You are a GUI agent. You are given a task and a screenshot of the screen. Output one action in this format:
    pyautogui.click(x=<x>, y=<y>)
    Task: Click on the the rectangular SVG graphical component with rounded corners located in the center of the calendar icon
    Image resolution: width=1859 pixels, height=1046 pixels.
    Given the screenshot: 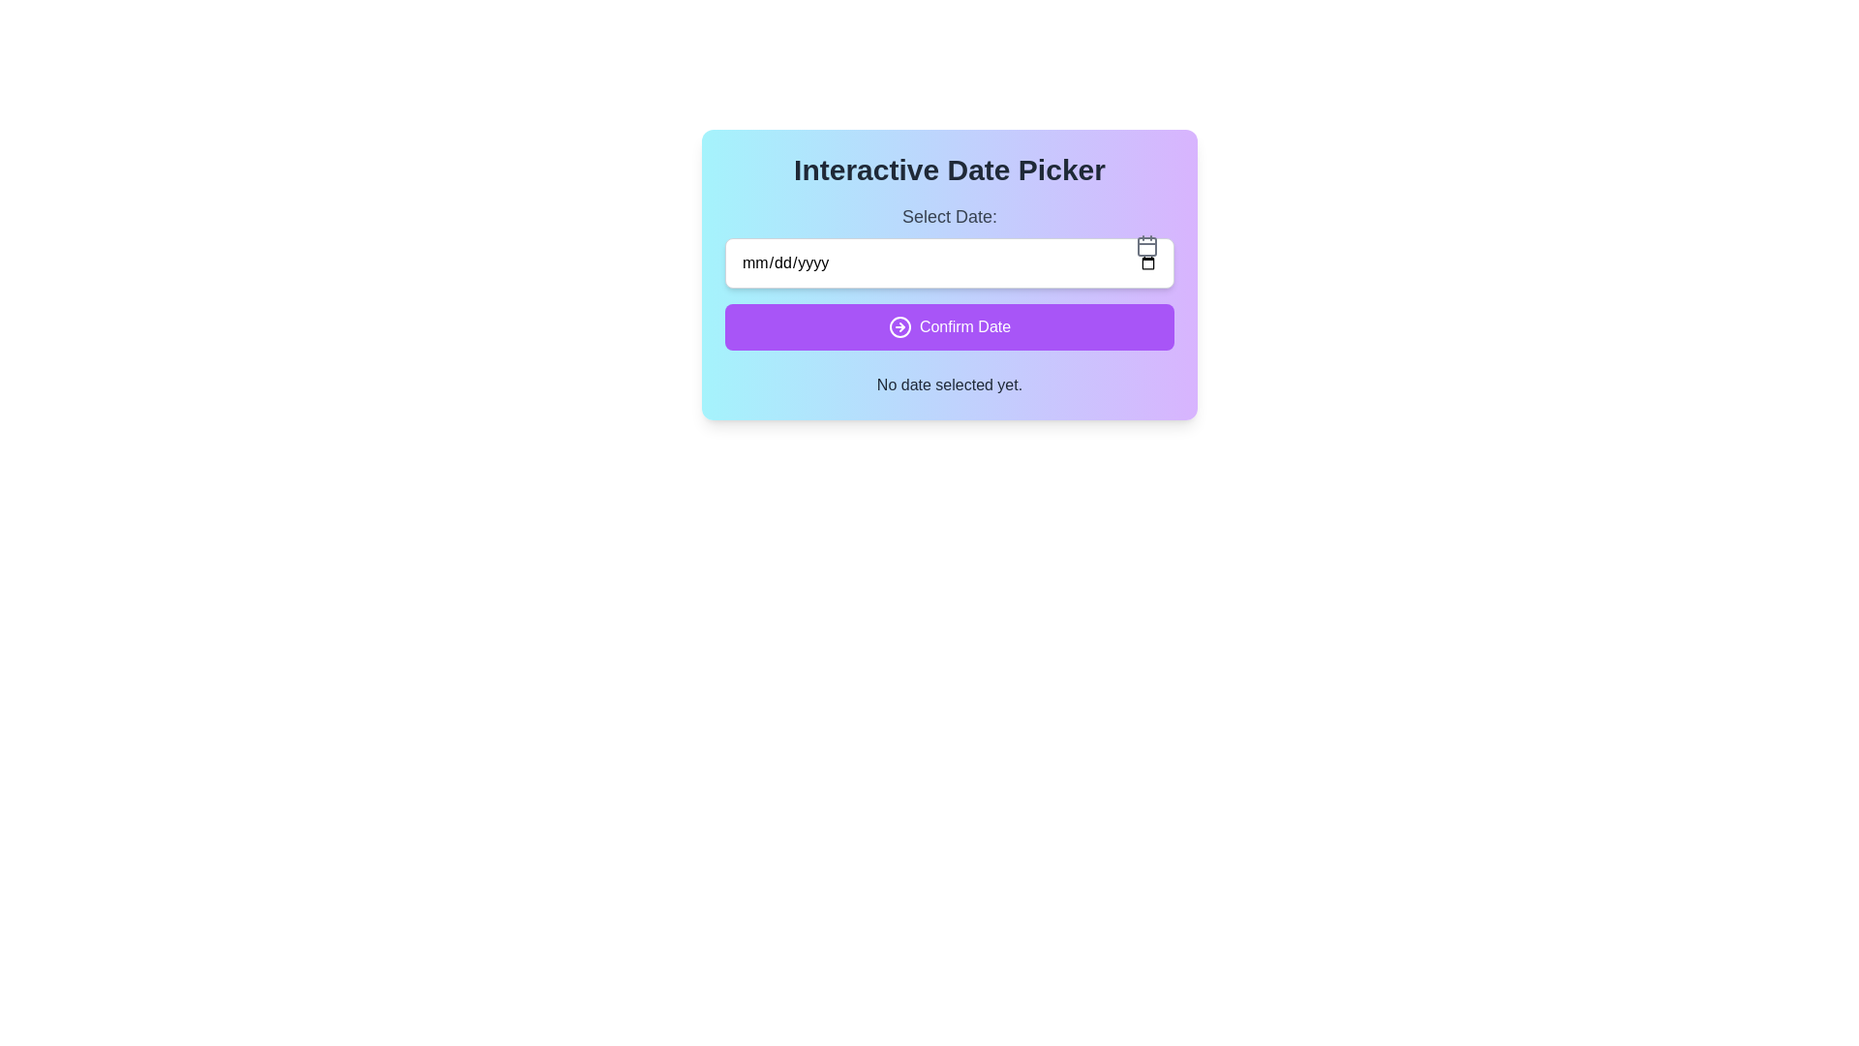 What is the action you would take?
    pyautogui.click(x=1147, y=245)
    